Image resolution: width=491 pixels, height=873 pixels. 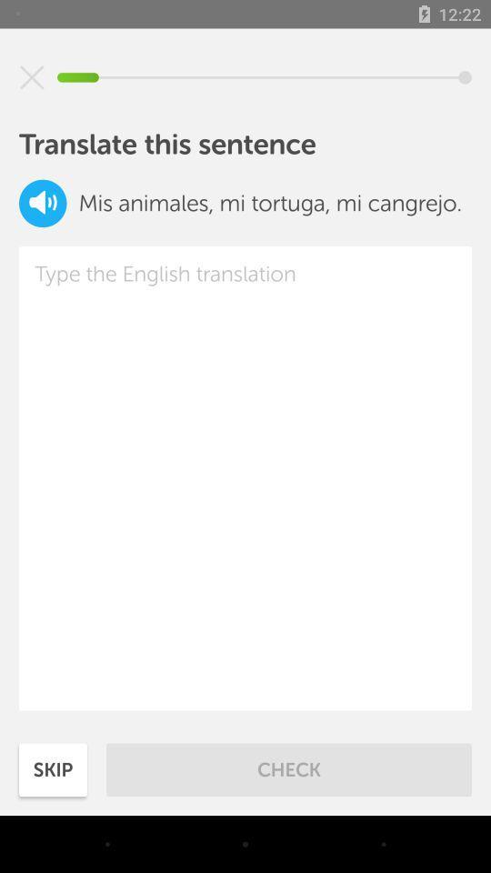 What do you see at coordinates (43, 203) in the screenshot?
I see `auto play` at bounding box center [43, 203].